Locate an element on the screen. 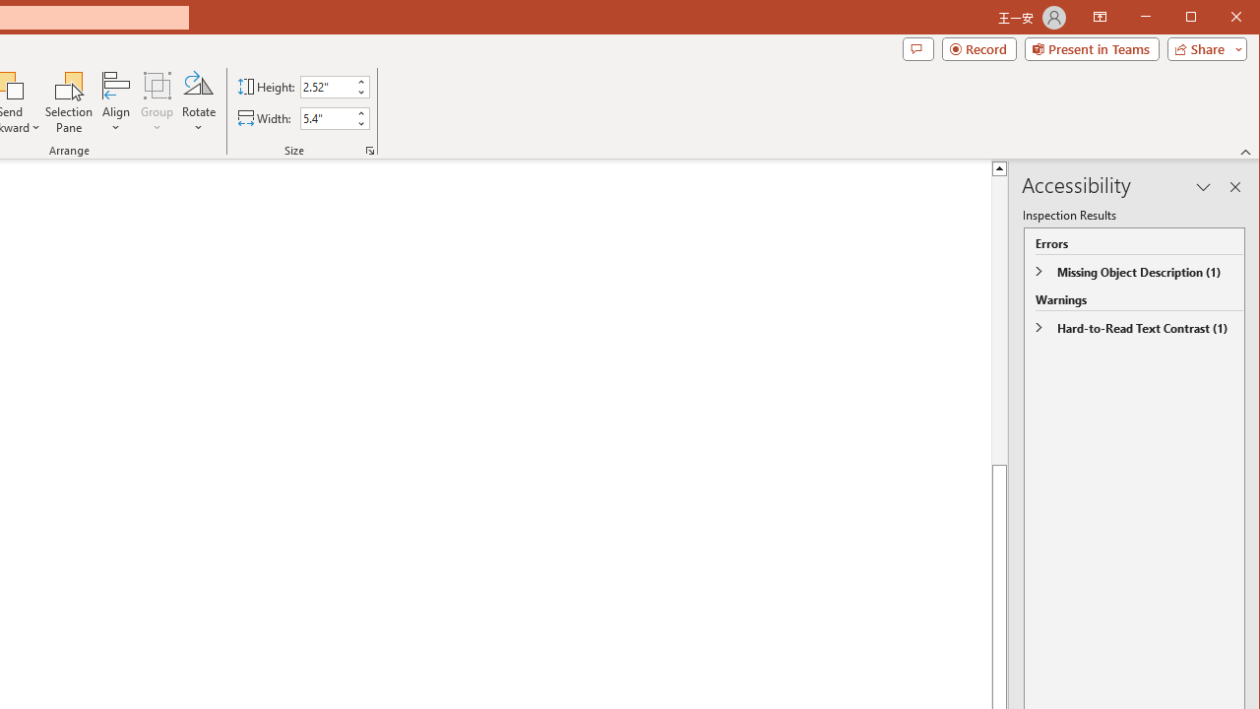 Image resolution: width=1260 pixels, height=709 pixels. 'Selection Pane...' is located at coordinates (69, 102).